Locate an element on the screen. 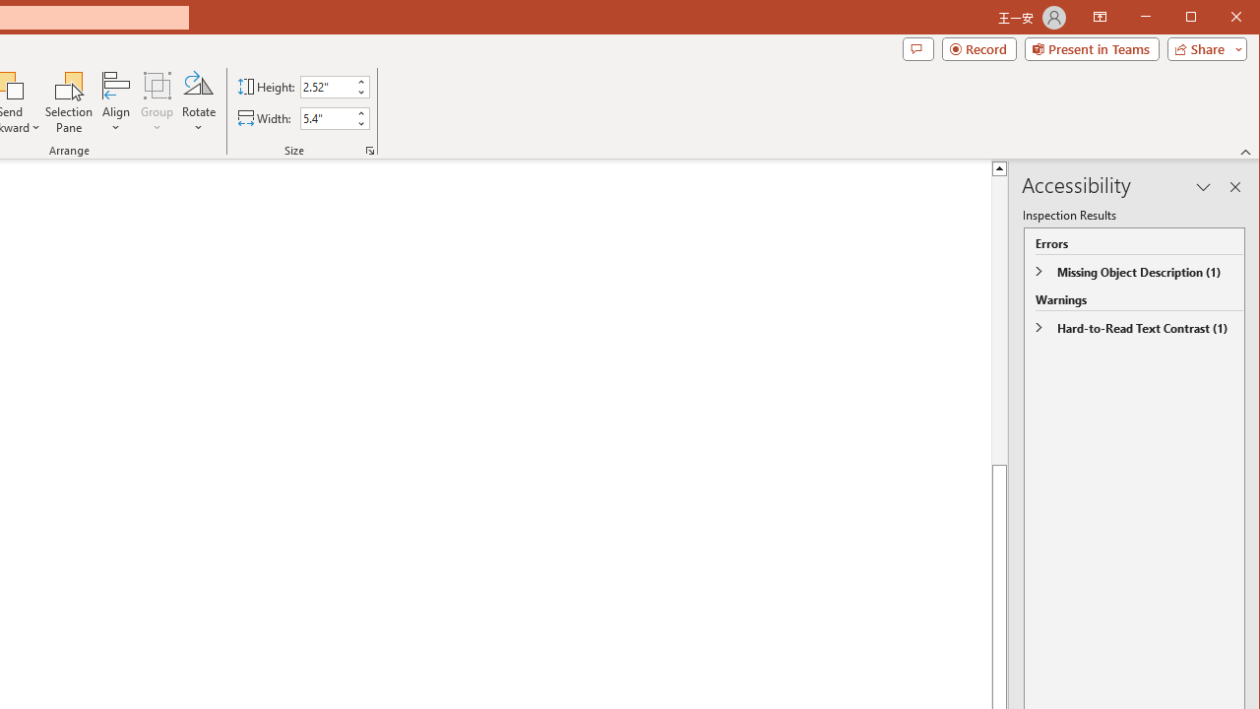 Image resolution: width=1260 pixels, height=709 pixels. 'Selection Pane...' is located at coordinates (69, 102).